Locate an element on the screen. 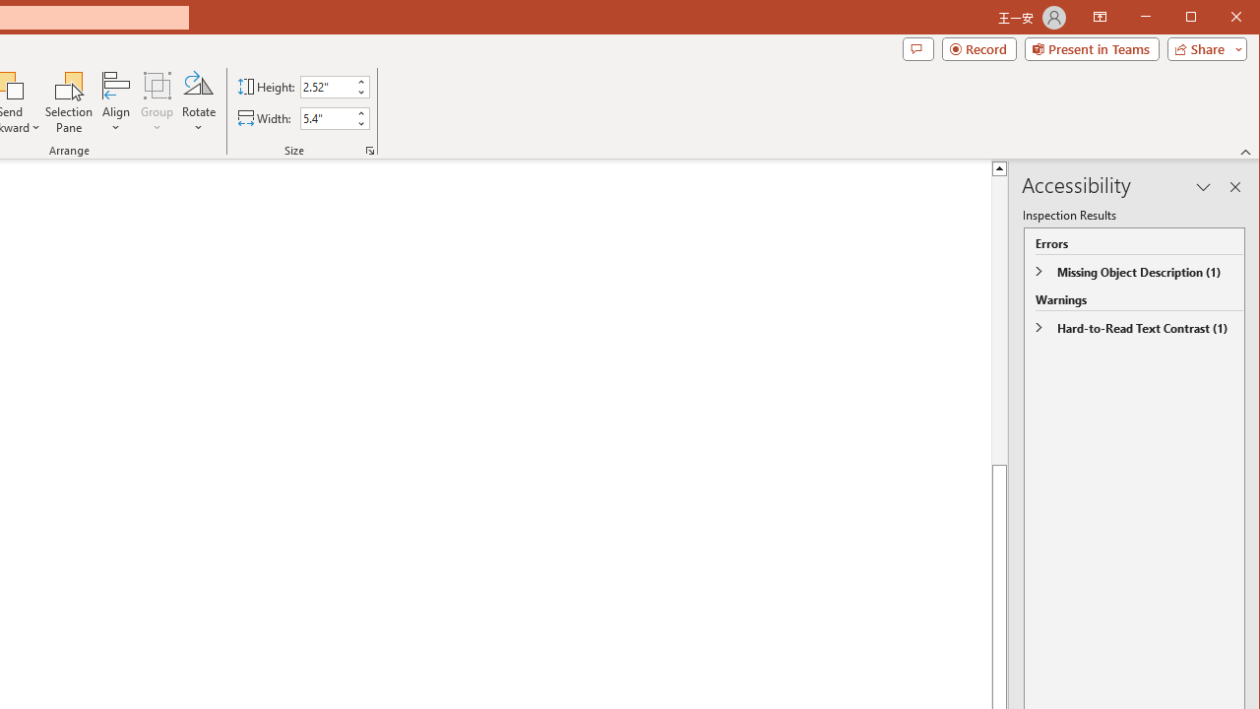 Image resolution: width=1260 pixels, height=709 pixels. 'Selection Pane...' is located at coordinates (69, 102).